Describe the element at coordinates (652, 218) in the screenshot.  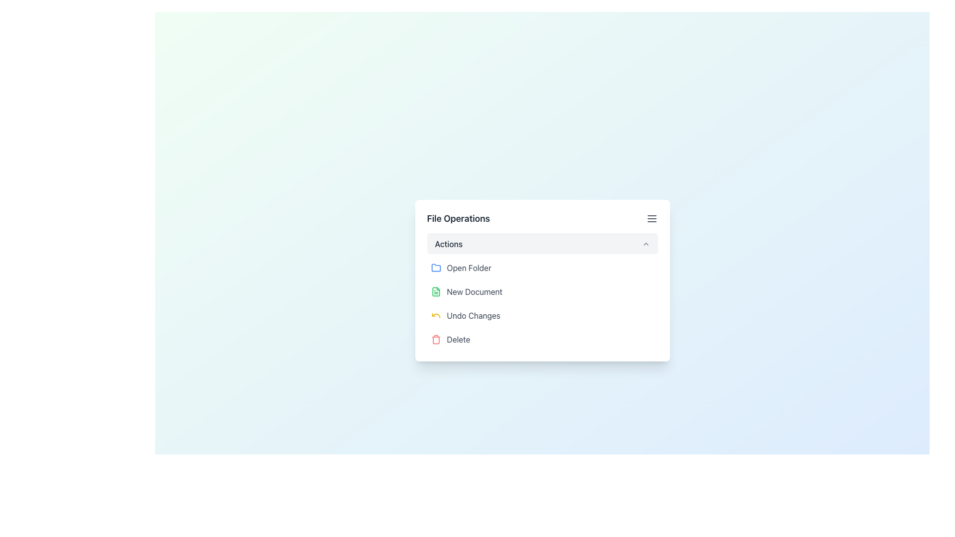
I see `the button at the far right end of the header section of the 'File Operations' card` at that location.